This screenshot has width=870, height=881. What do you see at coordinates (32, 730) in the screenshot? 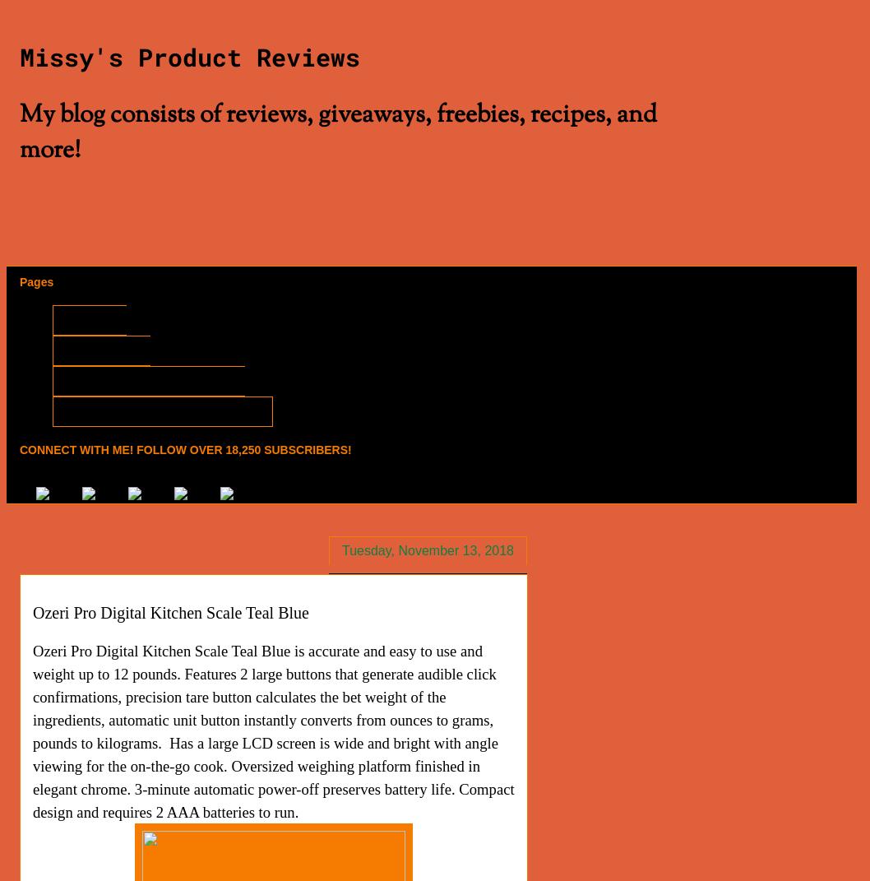
I see `'Ozeri Pro Digital Kitchen Scale Teal Blue is accurate and easy to use and weight up to 12 pounds. Features 2 large buttons that generate audible click confirmations, precision tare button calculates the bet weight of the ingredients, automatic unit button instantly converts from ounces to grams, pounds to kilograms.  Has a large LCD screen is wide and bright with angle viewing for the on-the-go cook. Oversized weighing platform finished in elegant chrome. 3-minute automatic power-off preserves battery life. Compact design and requires 2 AAA batteries to run.'` at bounding box center [32, 730].